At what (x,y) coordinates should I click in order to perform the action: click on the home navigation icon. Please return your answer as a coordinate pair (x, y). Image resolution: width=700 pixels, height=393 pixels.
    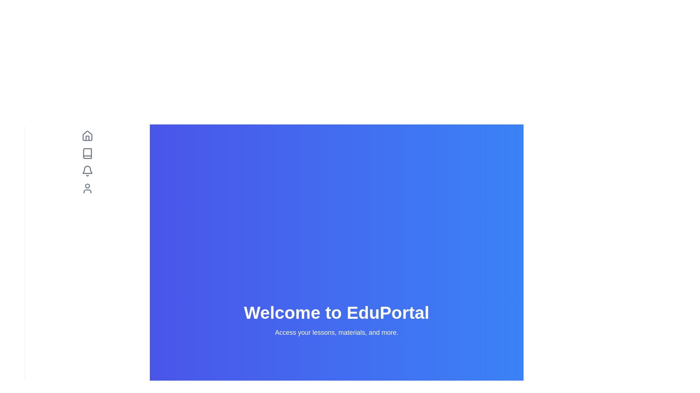
    Looking at the image, I should click on (87, 136).